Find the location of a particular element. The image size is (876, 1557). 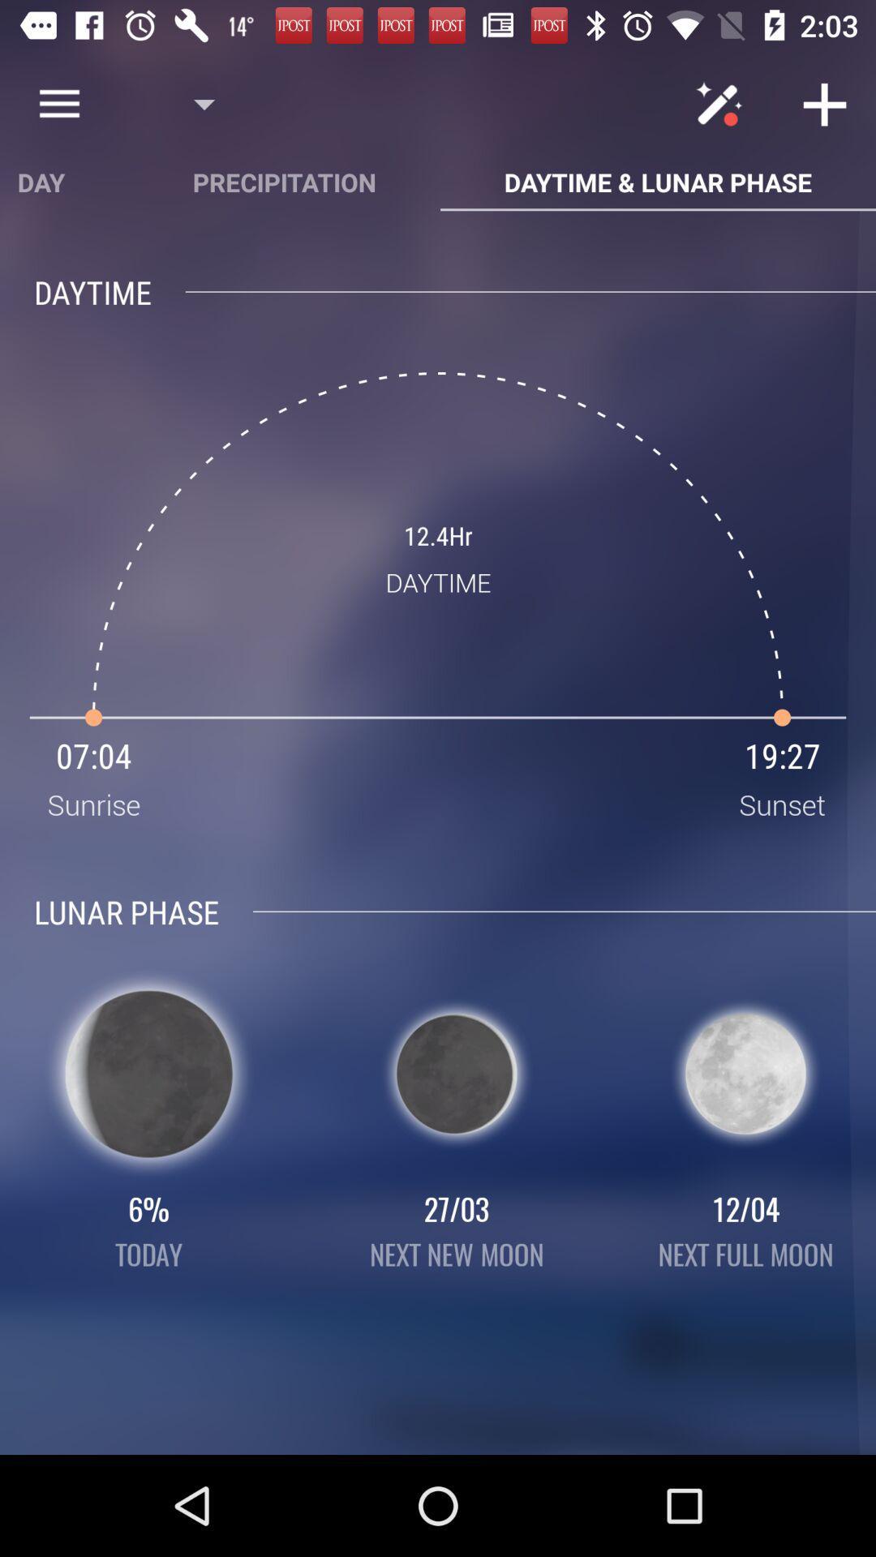

the first moon under lunar phase is located at coordinates (149, 1074).